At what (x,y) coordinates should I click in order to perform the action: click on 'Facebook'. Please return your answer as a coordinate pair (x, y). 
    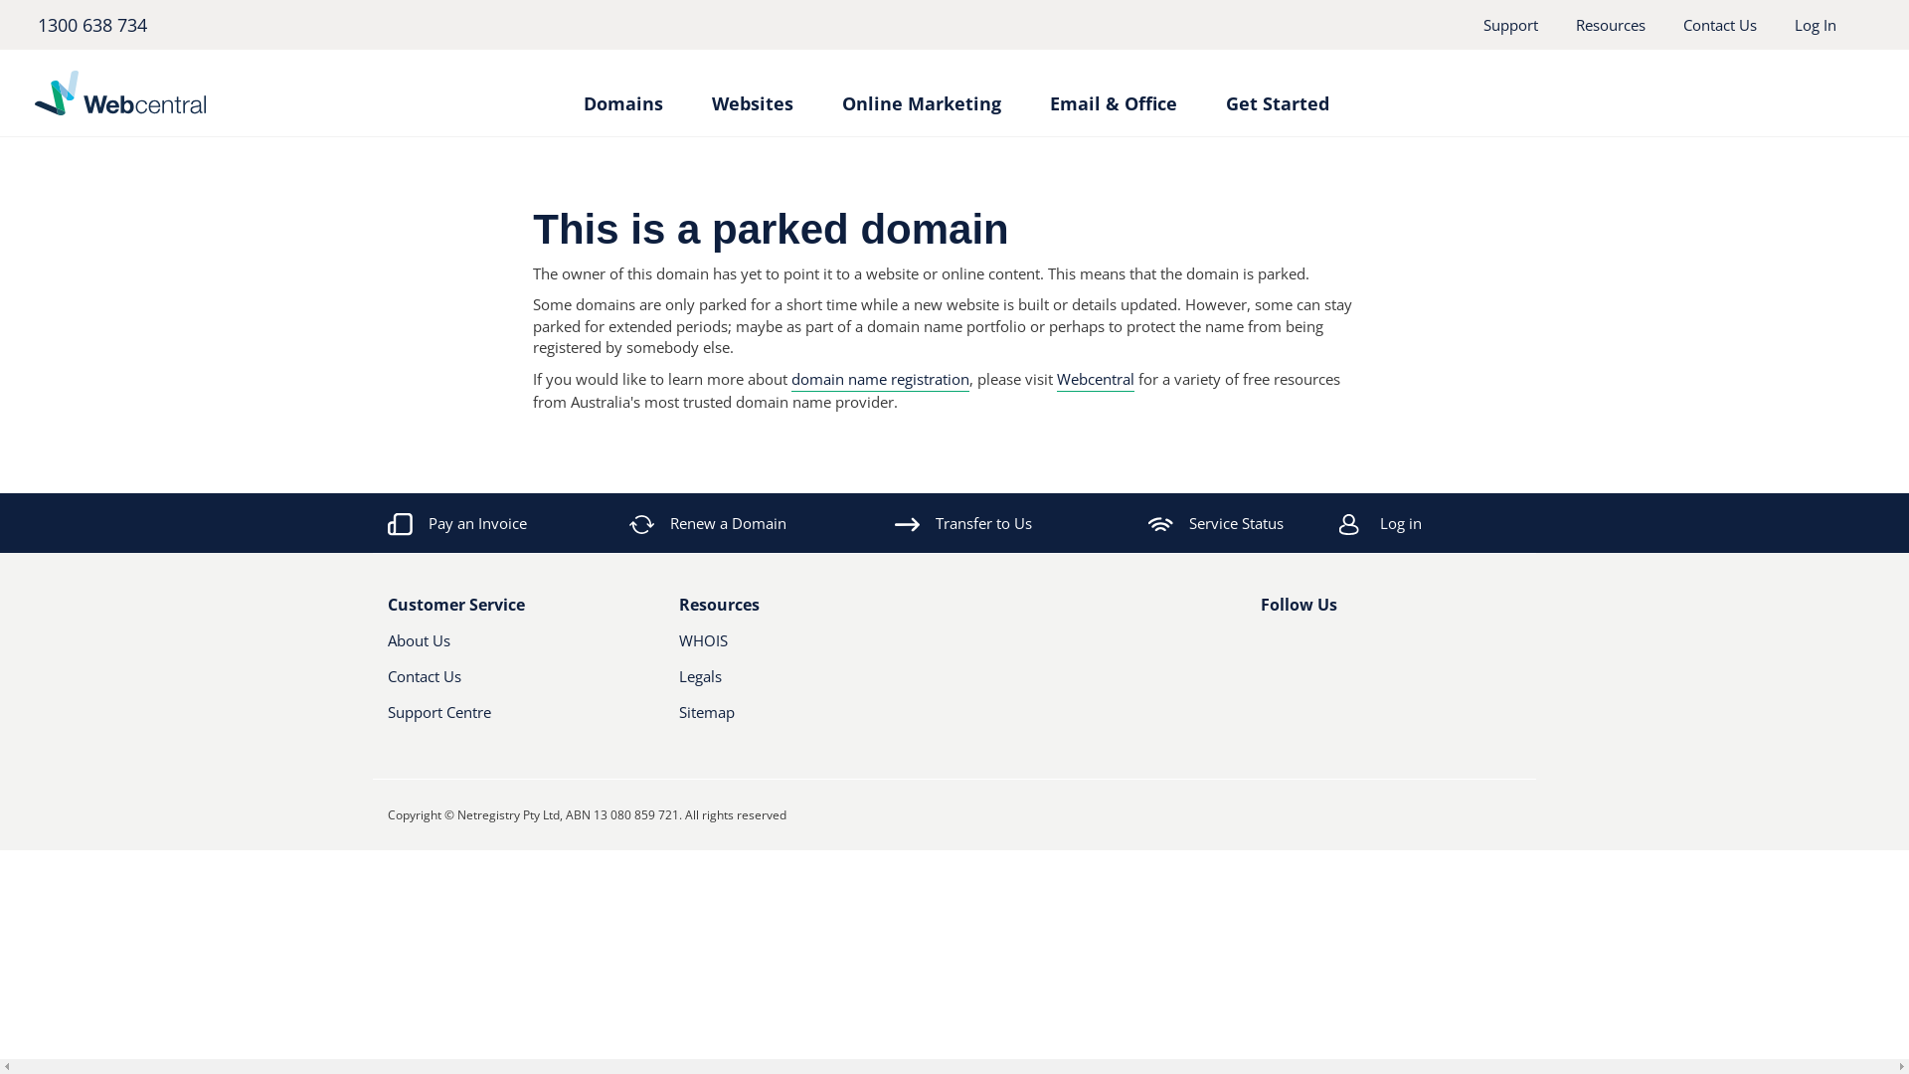
    Looking at the image, I should click on (1259, 648).